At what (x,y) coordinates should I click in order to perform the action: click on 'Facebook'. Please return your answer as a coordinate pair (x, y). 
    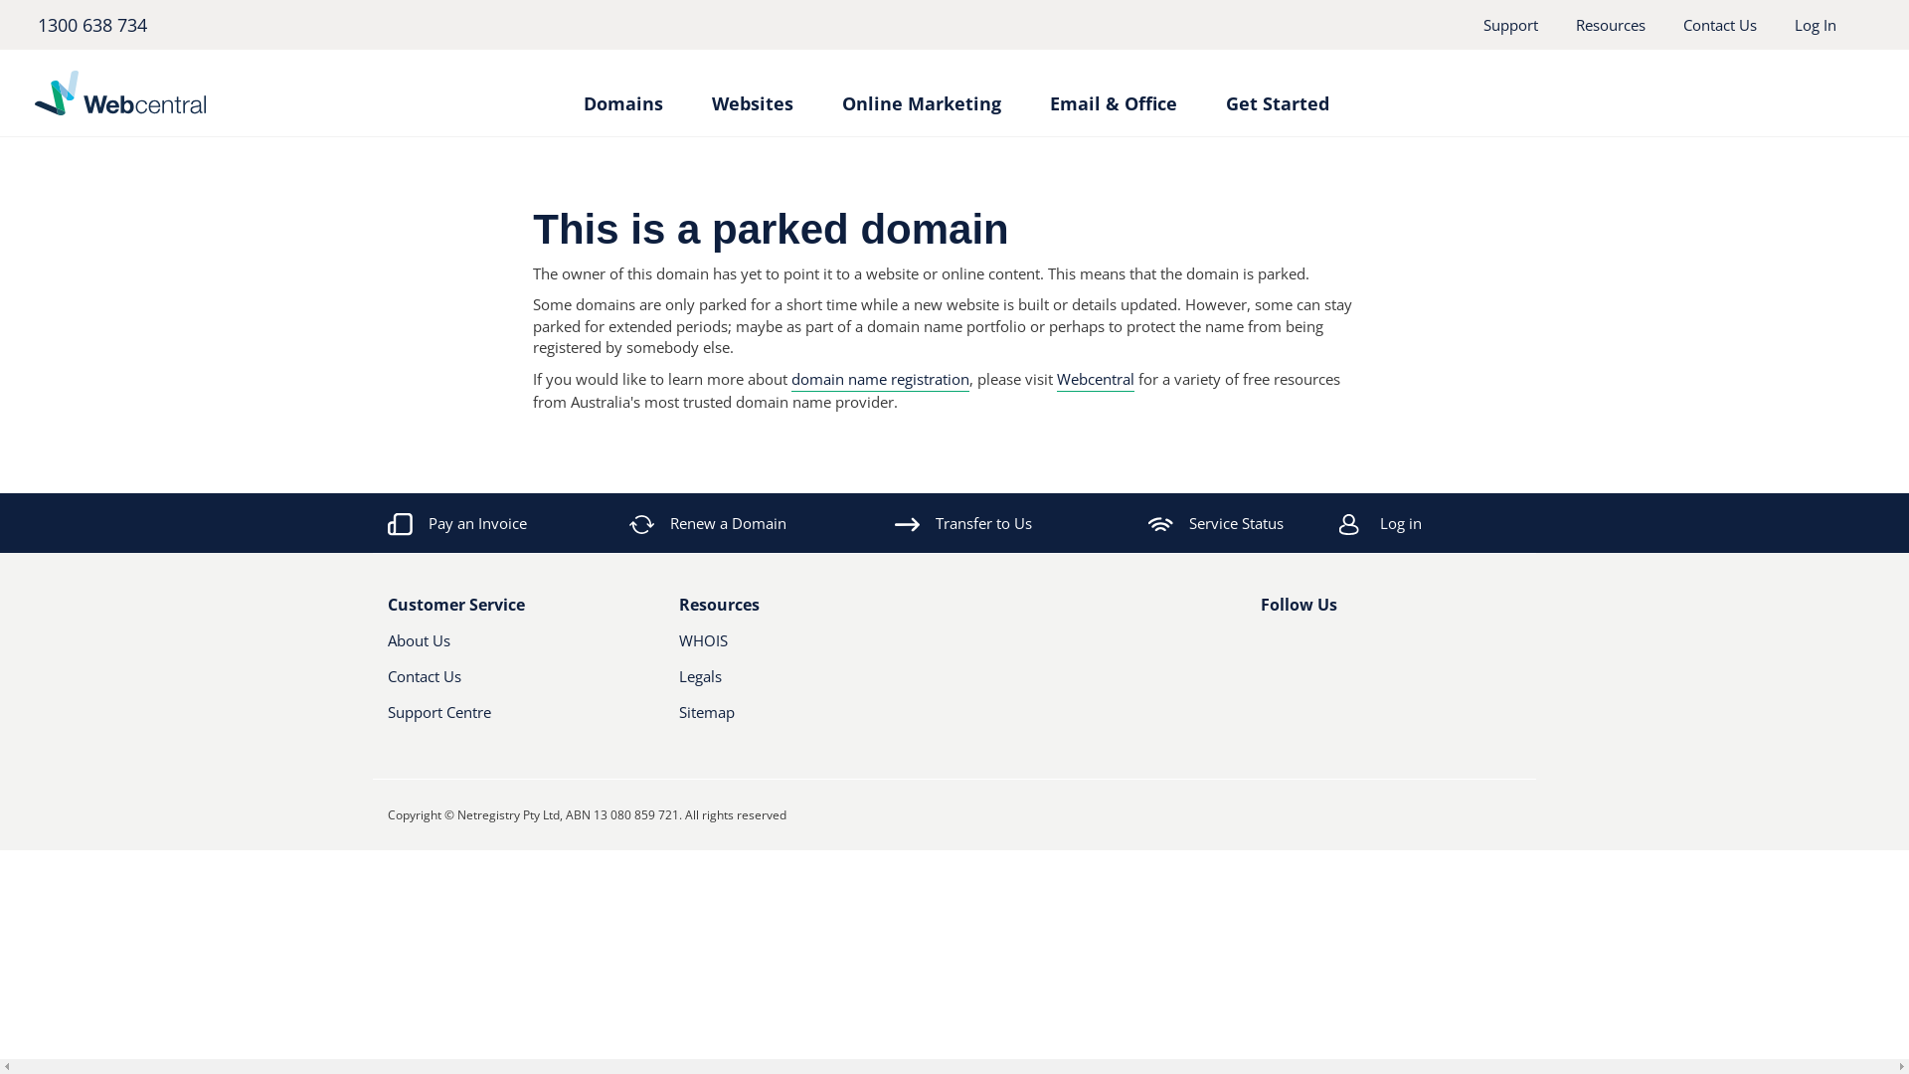
    Looking at the image, I should click on (1259, 648).